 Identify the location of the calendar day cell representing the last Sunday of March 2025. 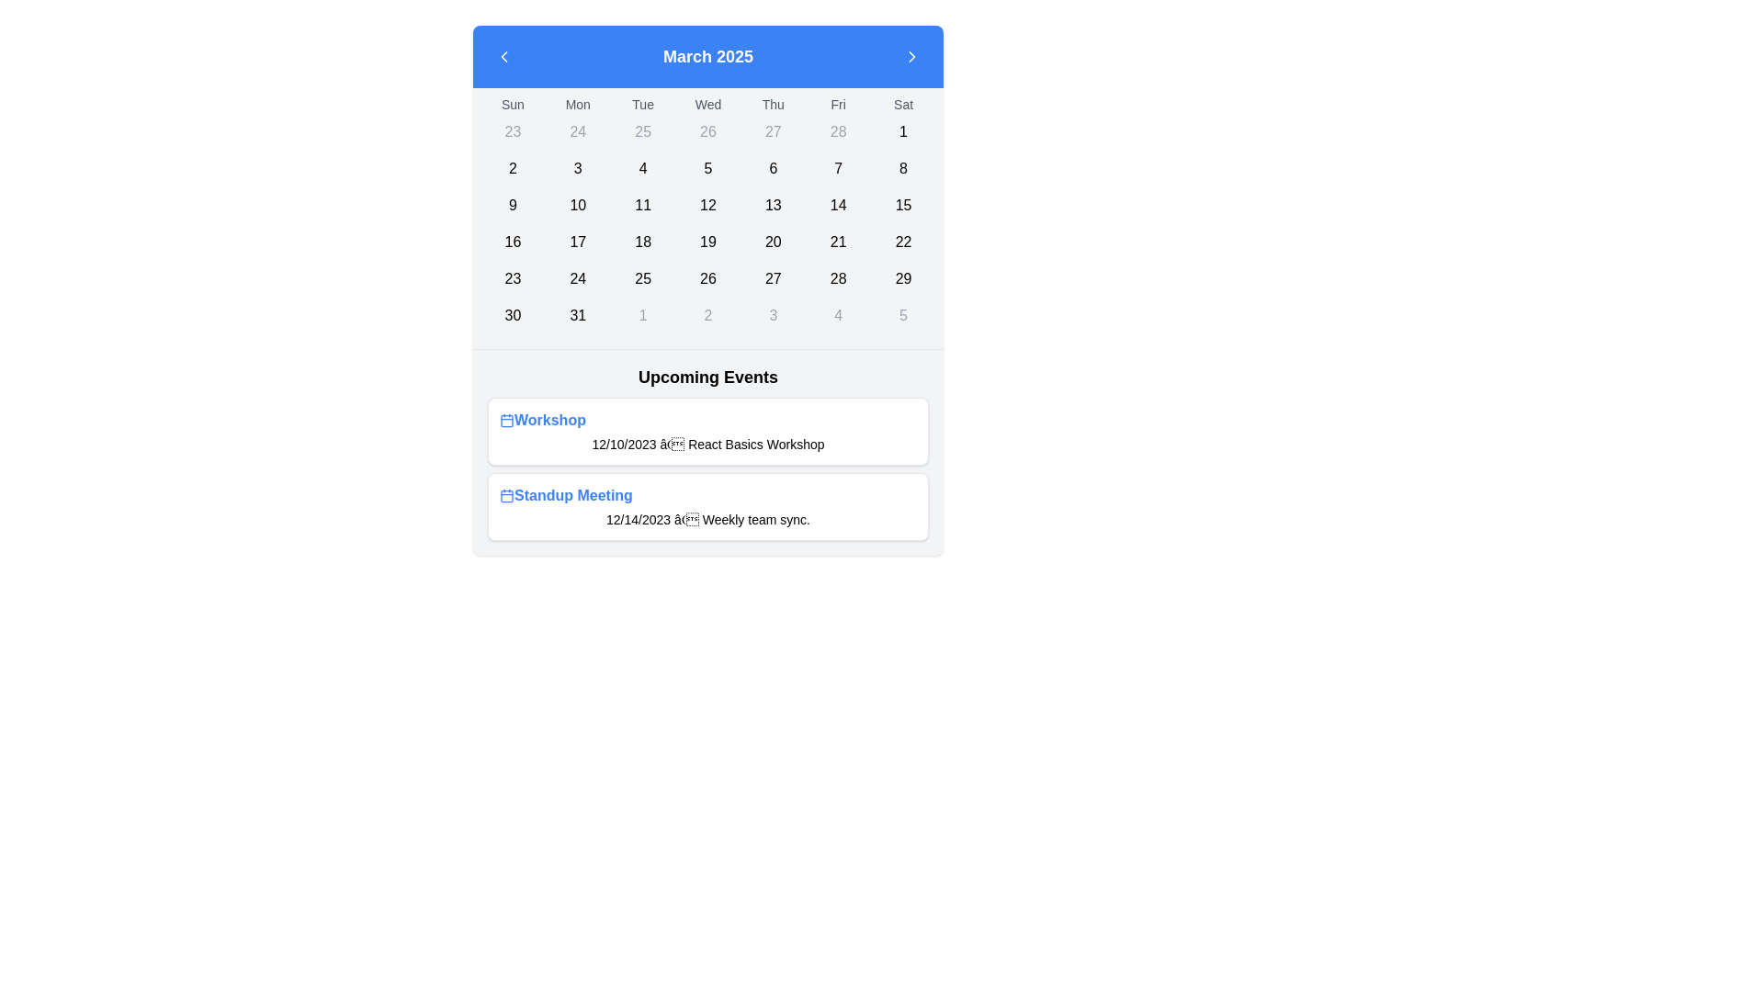
(513, 314).